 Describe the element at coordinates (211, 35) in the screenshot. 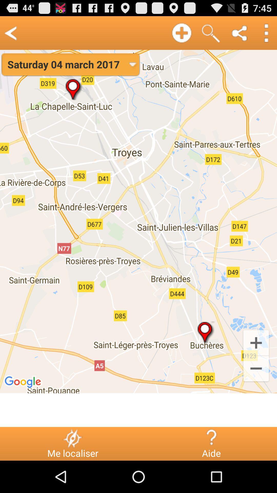

I see `the search icon` at that location.